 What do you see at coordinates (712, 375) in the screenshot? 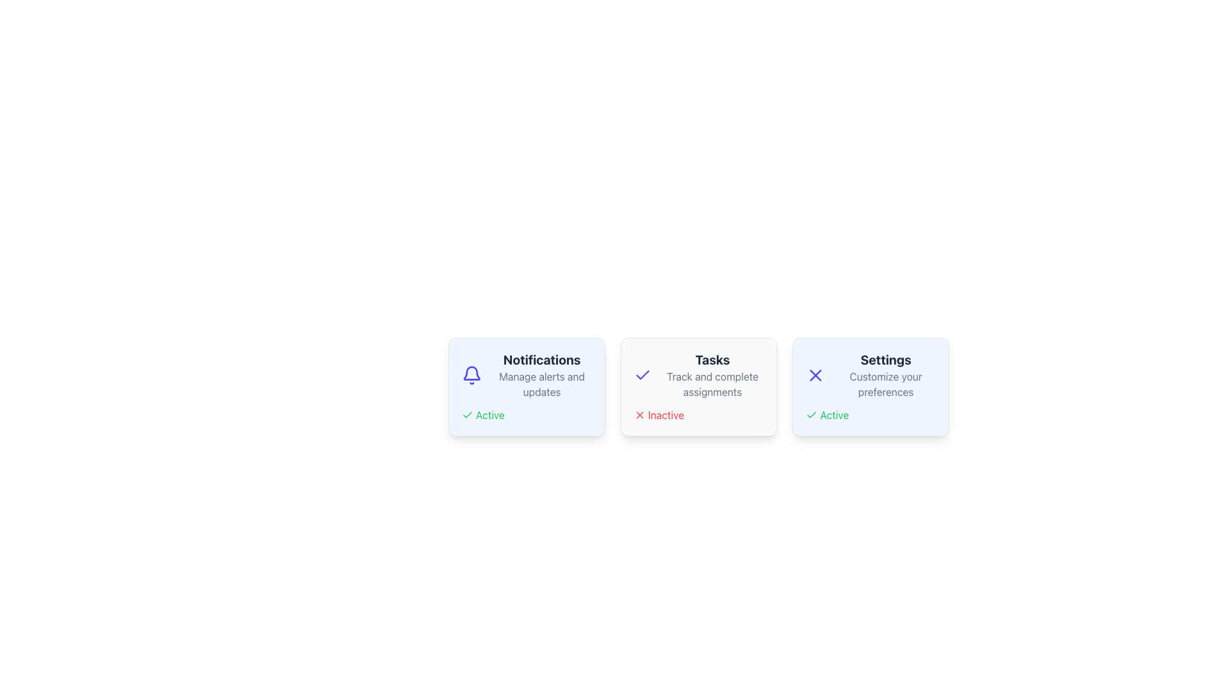
I see `the 'Tasks' Label and Description Group, which is the central card in a row of three, positioned between 'Notifications' and 'Settings'` at bounding box center [712, 375].